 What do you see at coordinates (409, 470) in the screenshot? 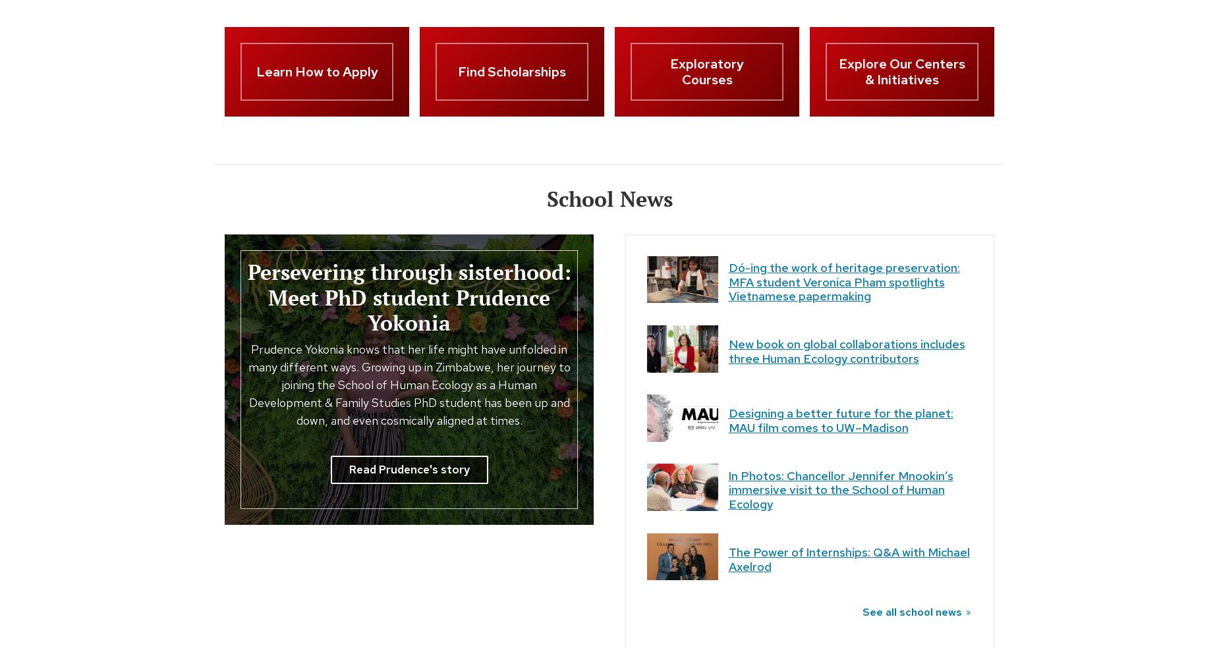
I see `'Read Prudence's story'` at bounding box center [409, 470].